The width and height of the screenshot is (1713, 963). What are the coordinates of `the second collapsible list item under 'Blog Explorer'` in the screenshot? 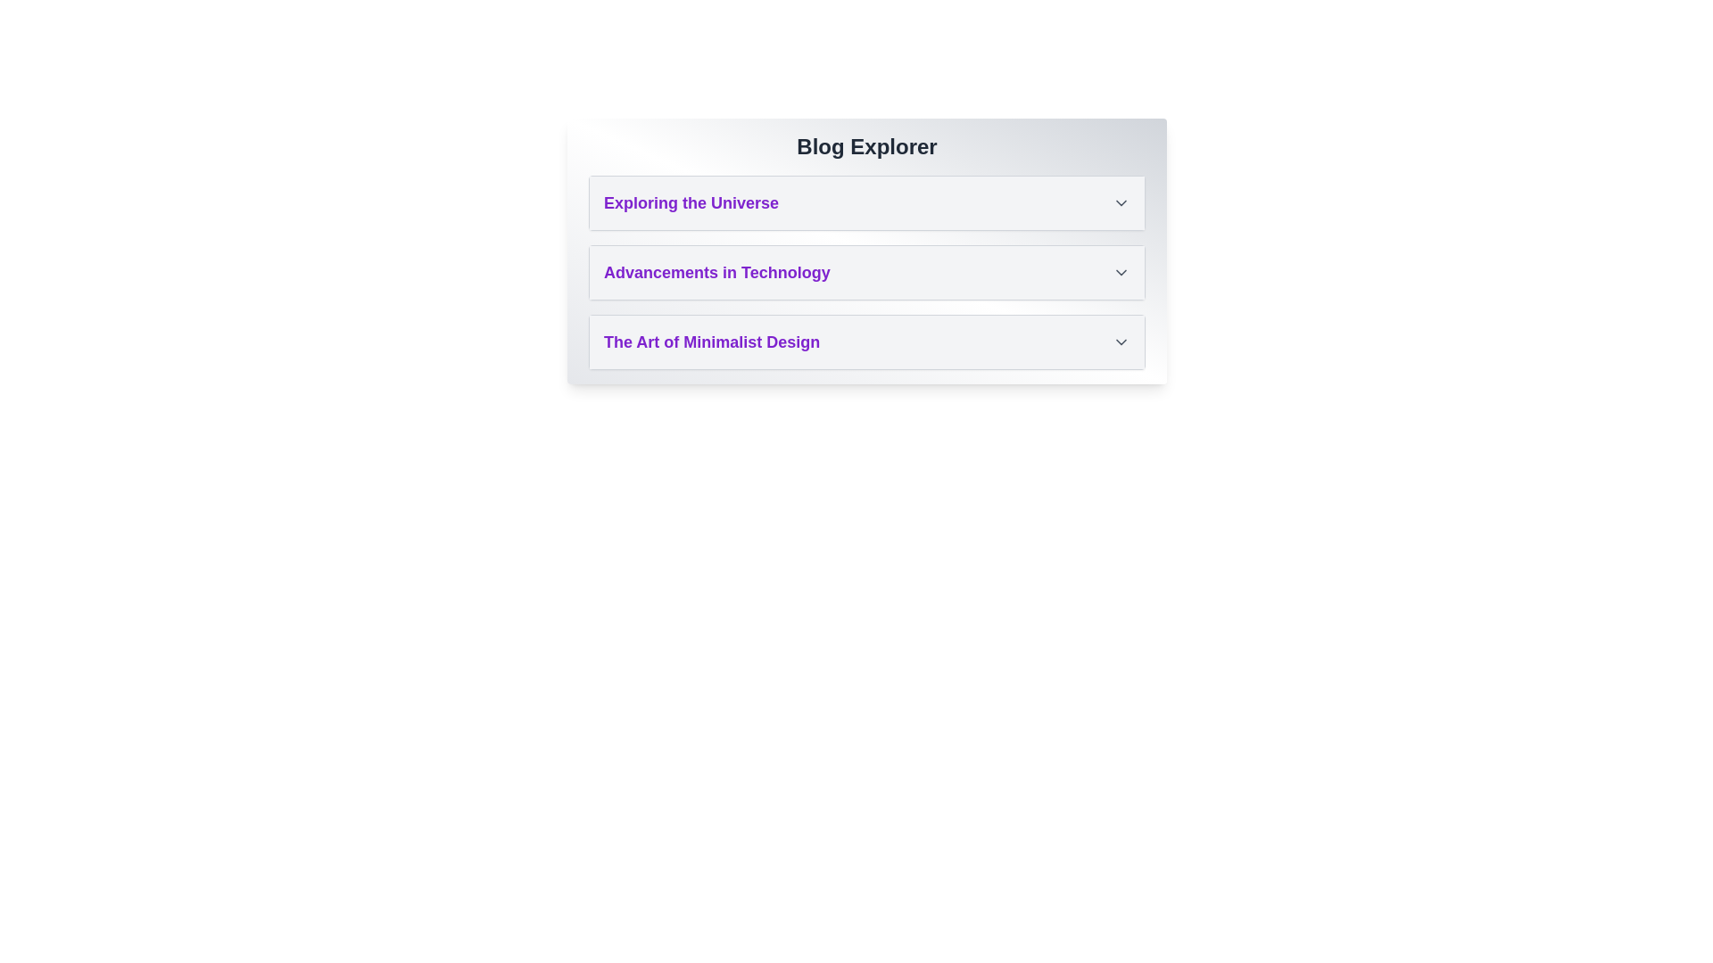 It's located at (866, 272).